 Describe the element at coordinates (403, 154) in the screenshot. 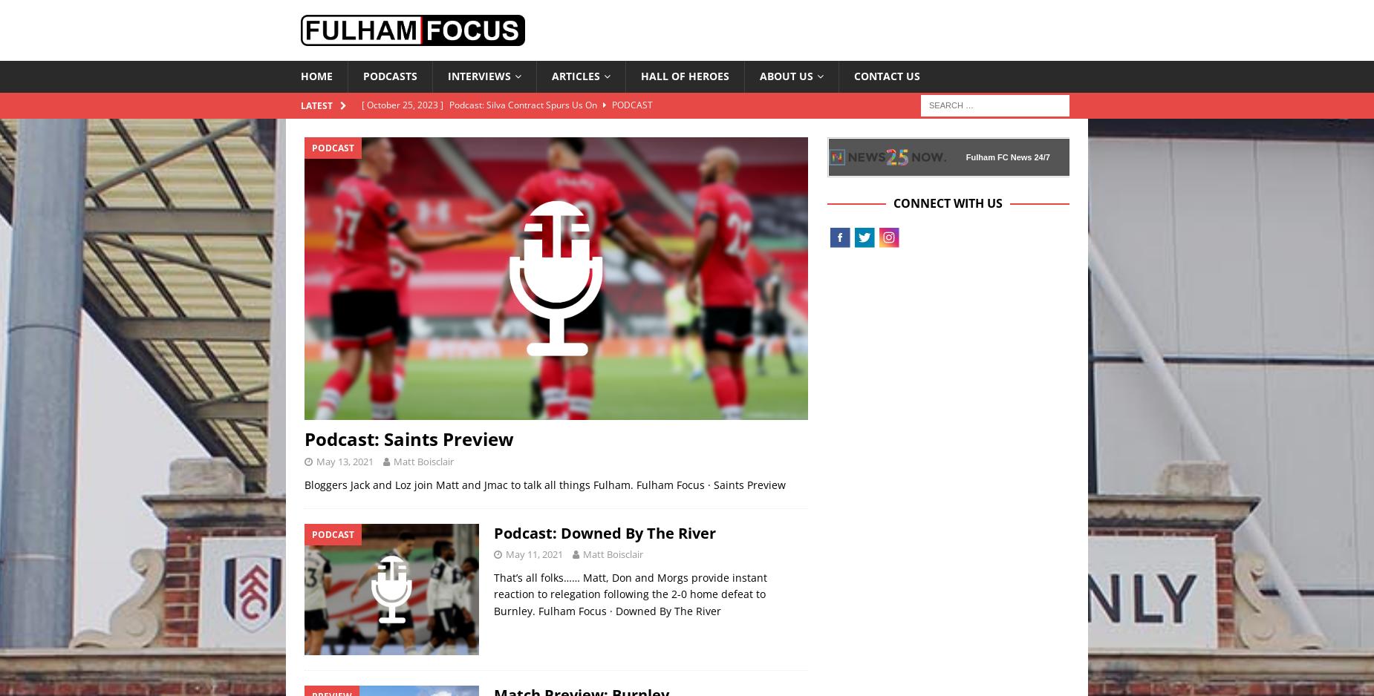

I see `'[ October 31, 2023 ]'` at that location.